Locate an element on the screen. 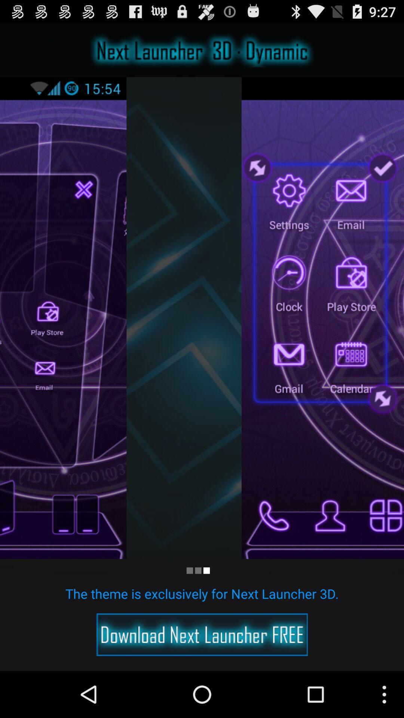  download option is located at coordinates (202, 634).